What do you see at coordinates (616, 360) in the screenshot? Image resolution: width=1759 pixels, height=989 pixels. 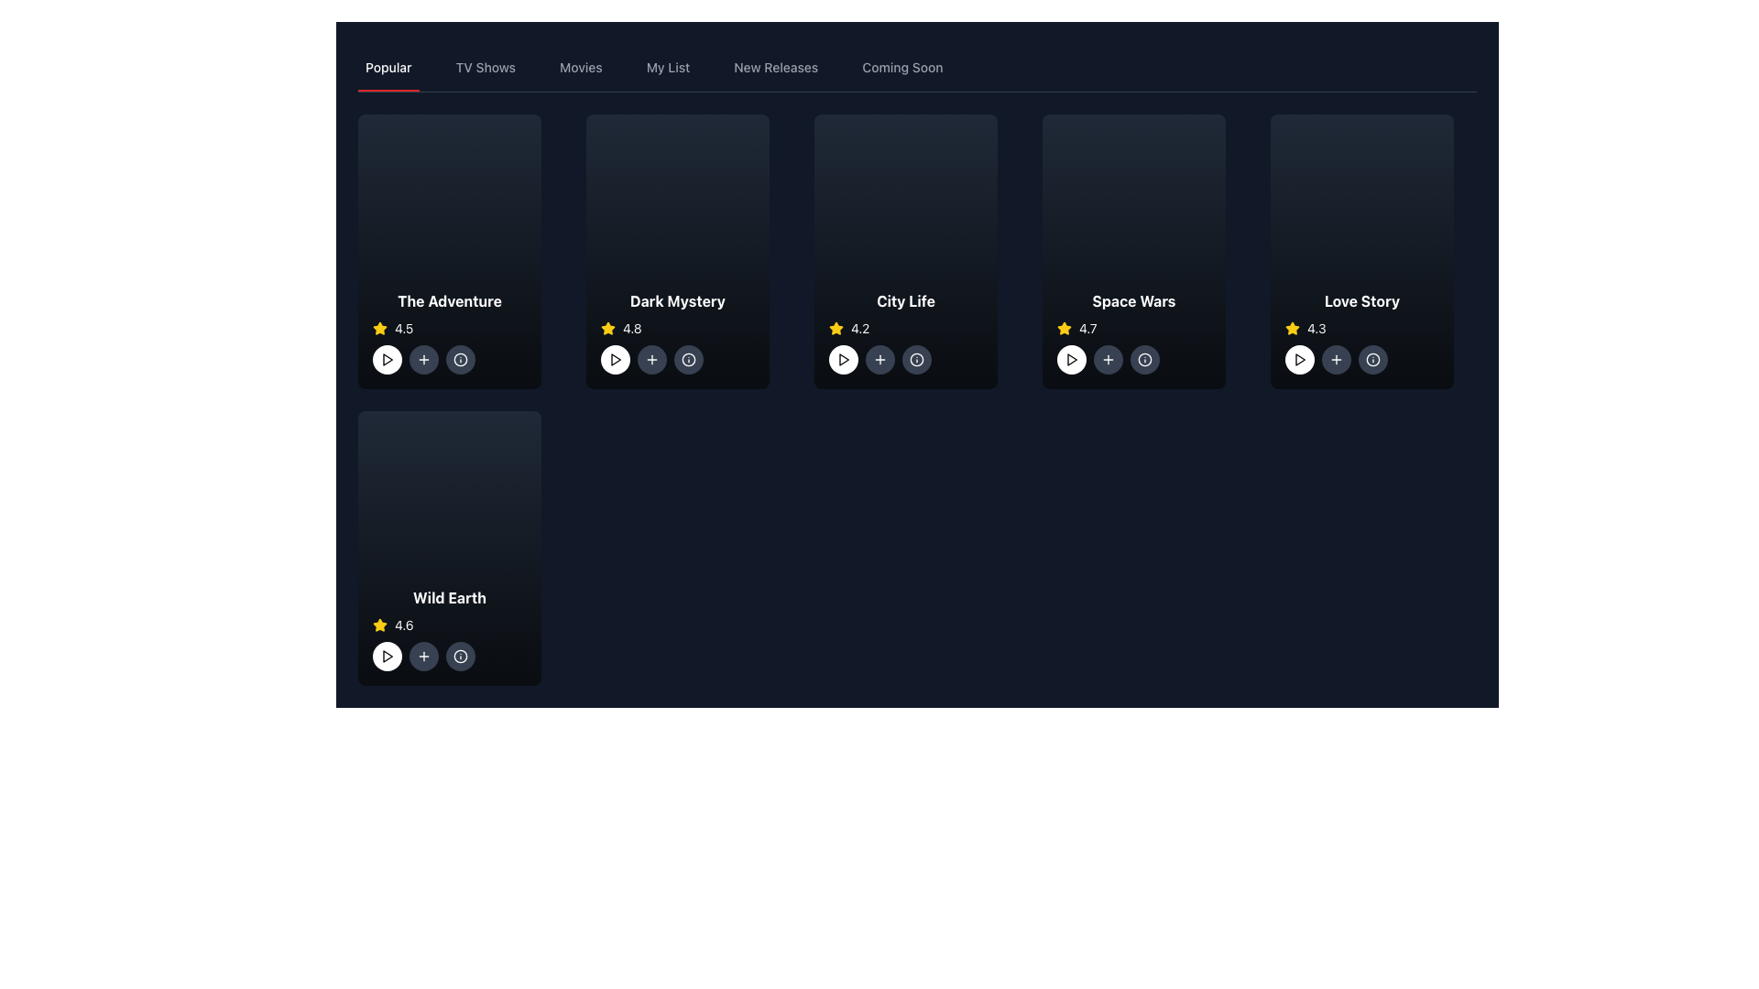 I see `the circular button with a white background and a play icon inside, located beneath the 'Dark Mystery' card and is the first button in the row` at bounding box center [616, 360].